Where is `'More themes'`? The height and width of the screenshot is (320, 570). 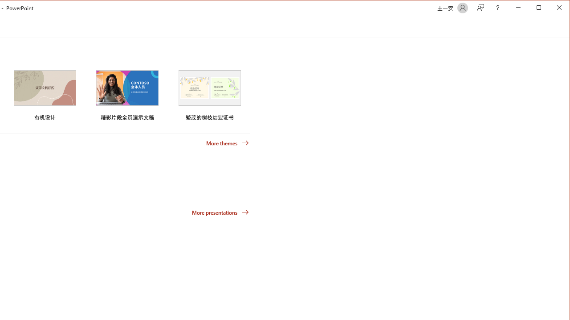
'More themes' is located at coordinates (227, 142).